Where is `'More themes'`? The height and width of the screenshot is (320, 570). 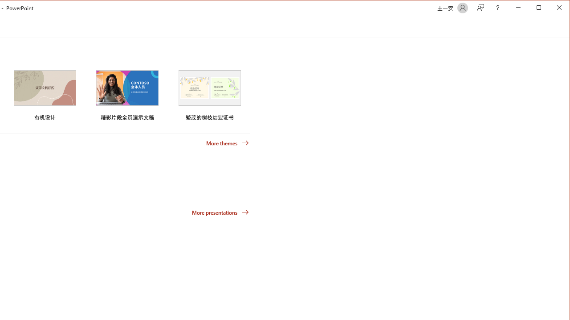
'More themes' is located at coordinates (227, 142).